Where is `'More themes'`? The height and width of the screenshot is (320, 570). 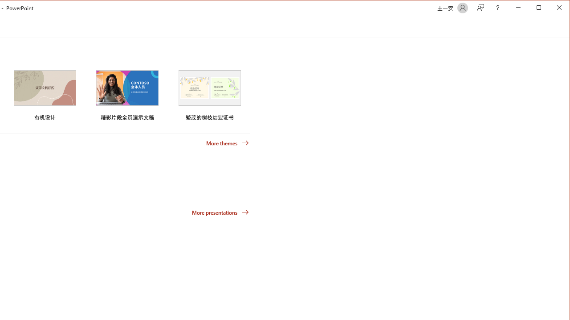
'More themes' is located at coordinates (227, 142).